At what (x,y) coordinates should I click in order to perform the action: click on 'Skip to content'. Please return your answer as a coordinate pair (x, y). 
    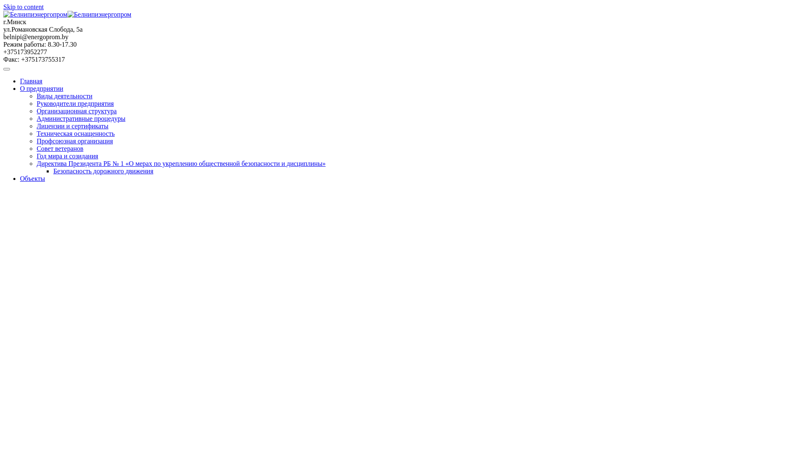
    Looking at the image, I should click on (3, 7).